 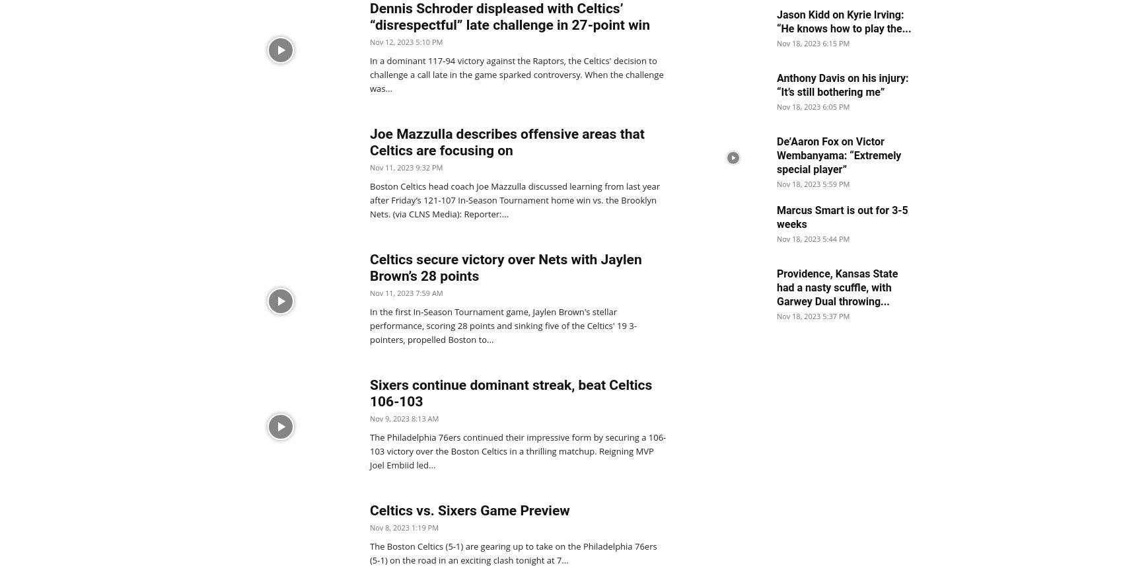 What do you see at coordinates (517, 450) in the screenshot?
I see `'The Philadelphia 76ers continued their impressive form by securing a 106-103 victory over the Boston Celtics in a thrilling matchup. Reigning MVP Joel Embiid led...'` at bounding box center [517, 450].